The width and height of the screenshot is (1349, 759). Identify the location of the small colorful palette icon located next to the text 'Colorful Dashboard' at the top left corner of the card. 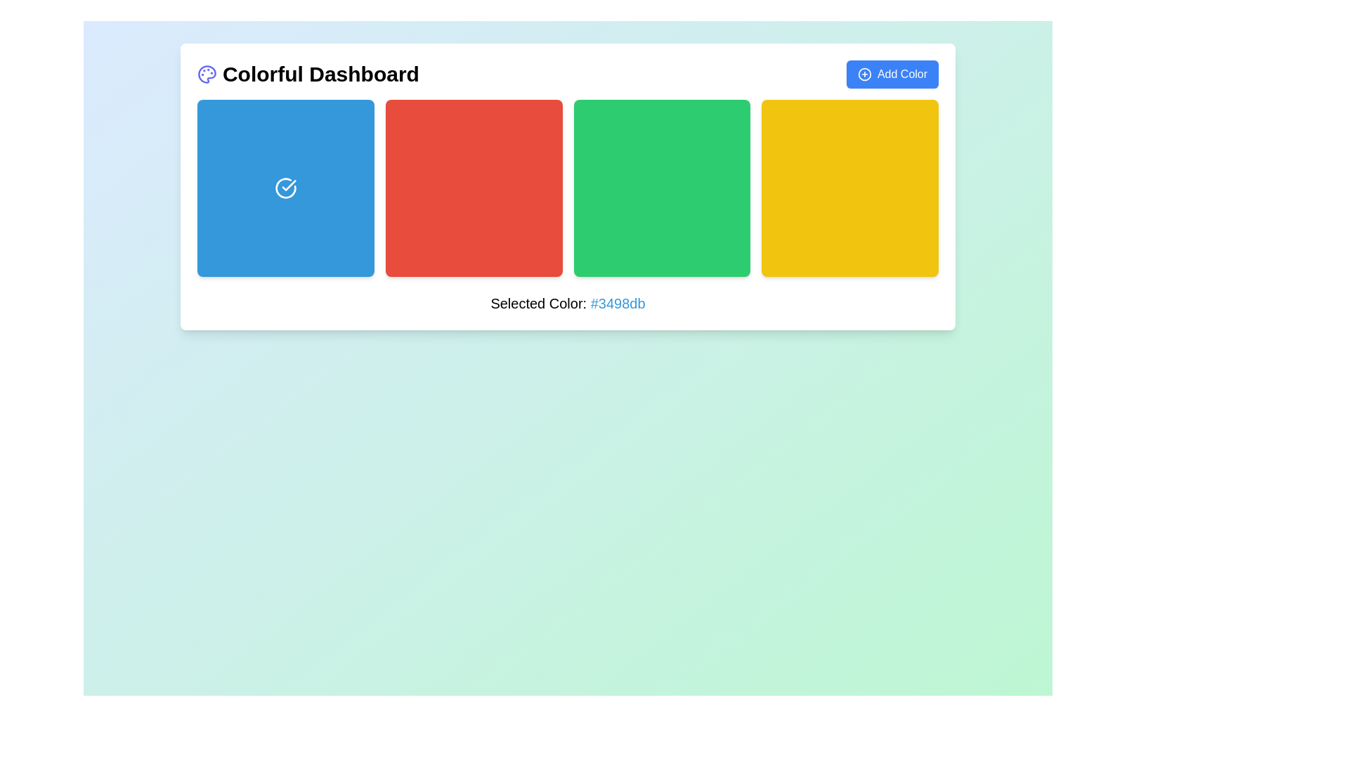
(206, 74).